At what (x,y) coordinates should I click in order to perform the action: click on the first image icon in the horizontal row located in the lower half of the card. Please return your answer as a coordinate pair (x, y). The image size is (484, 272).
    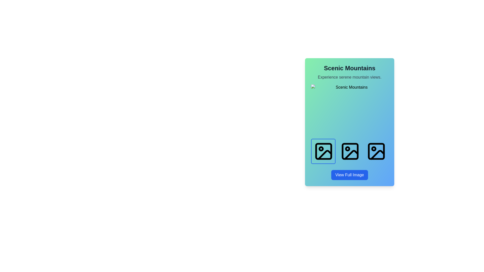
    Looking at the image, I should click on (323, 151).